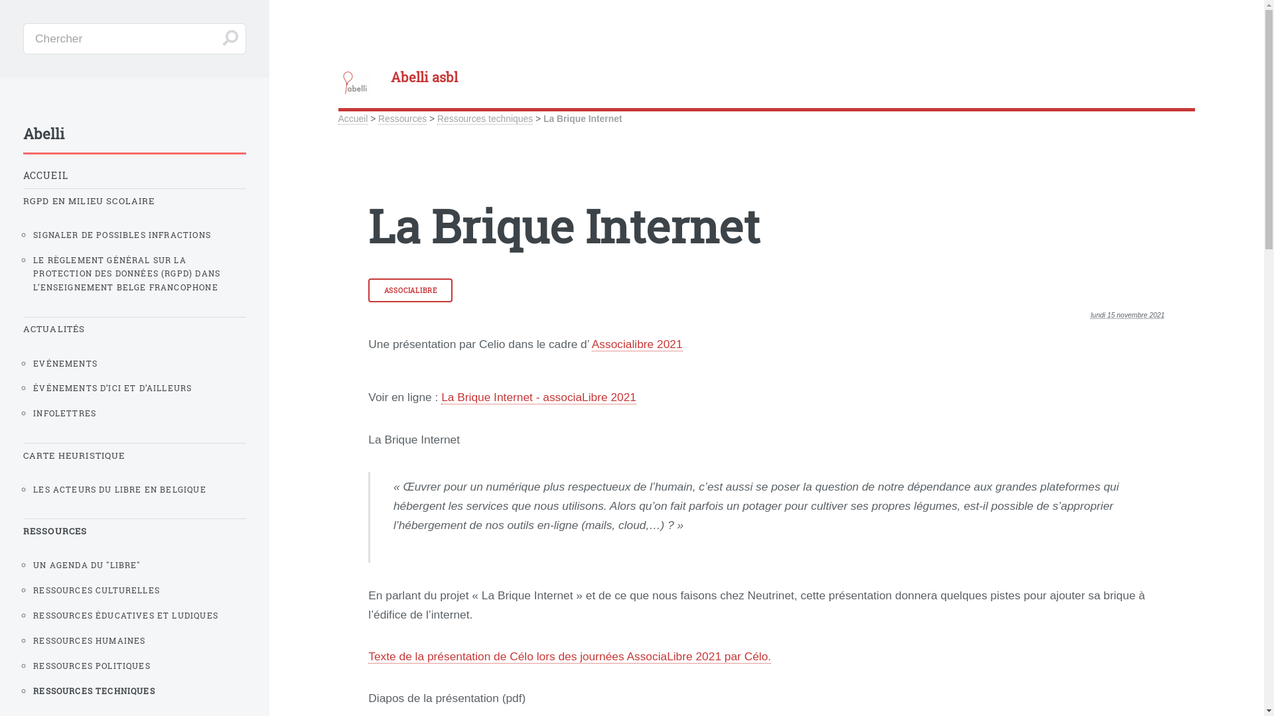  What do you see at coordinates (139, 234) in the screenshot?
I see `'SIGNALER DE POSSIBLES INFRACTIONS'` at bounding box center [139, 234].